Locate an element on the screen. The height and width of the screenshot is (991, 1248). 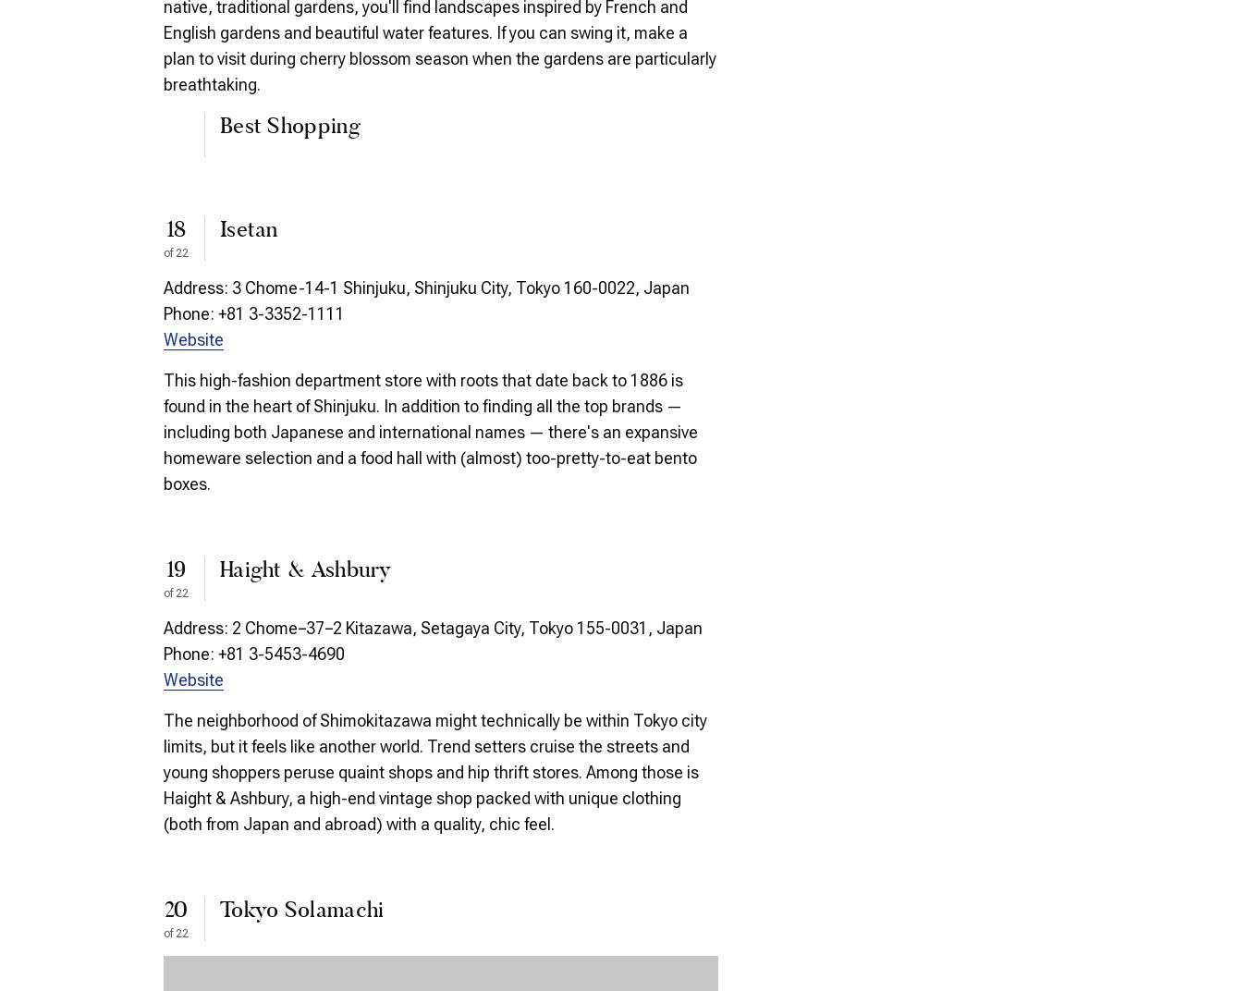
'The neighborhood of Shimokitazawa might technically be within Tokyo city limits, but it feels like another world. Trend setters cruise the streets and young shoppers peruse quaint shops and hip thrift stores. Among those is Haight & Ashbury, a high-end vintage shop packed with unique clothing (both from Japan and abroad) with a quality, chic feel.' is located at coordinates (434, 770).